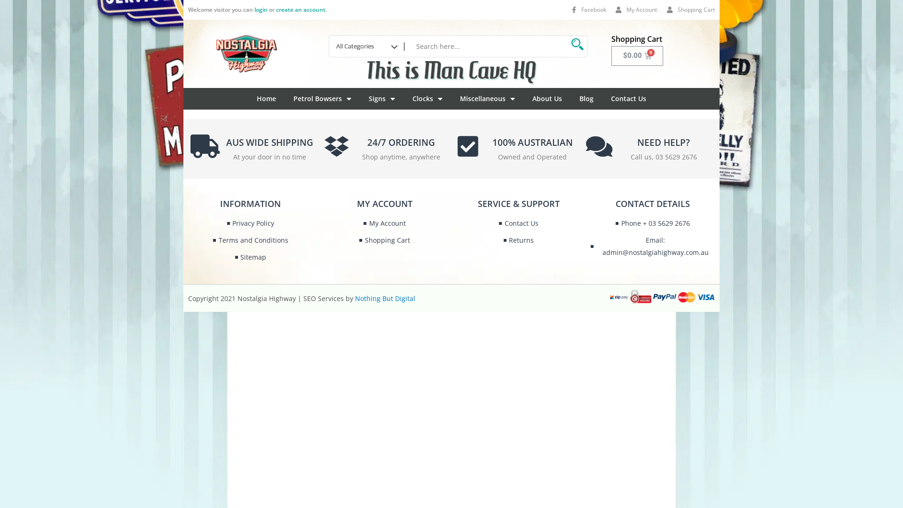 The height and width of the screenshot is (508, 903). I want to click on 'Home', so click(266, 98).